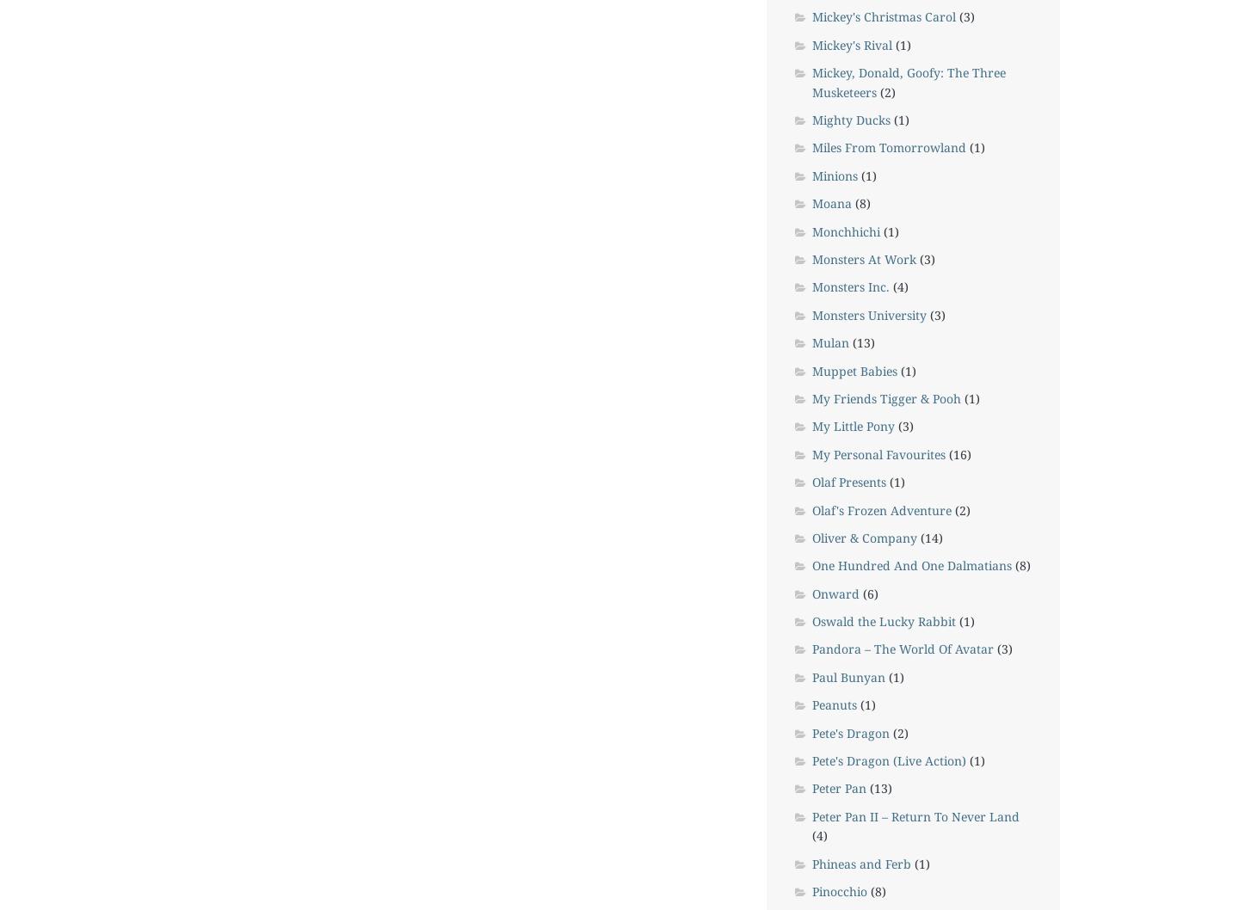 The width and height of the screenshot is (1239, 910). What do you see at coordinates (837, 788) in the screenshot?
I see `'Peter Pan'` at bounding box center [837, 788].